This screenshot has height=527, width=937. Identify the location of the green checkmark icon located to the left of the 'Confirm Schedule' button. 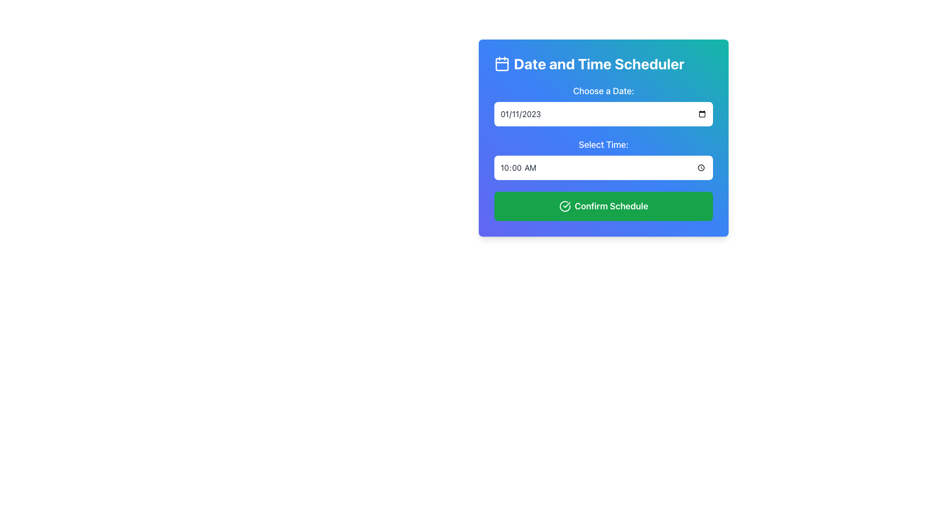
(565, 206).